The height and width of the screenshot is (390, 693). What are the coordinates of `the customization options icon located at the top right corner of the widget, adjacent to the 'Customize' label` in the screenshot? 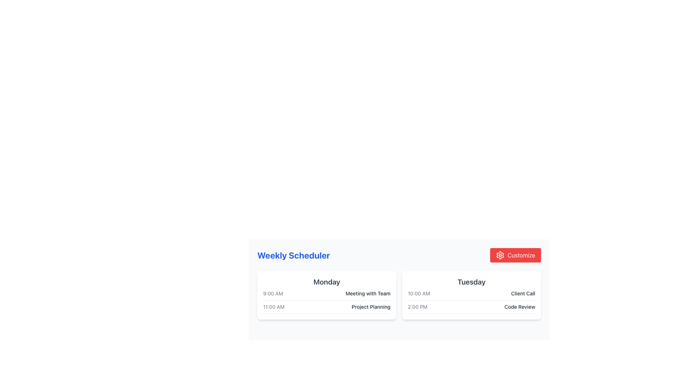 It's located at (500, 255).